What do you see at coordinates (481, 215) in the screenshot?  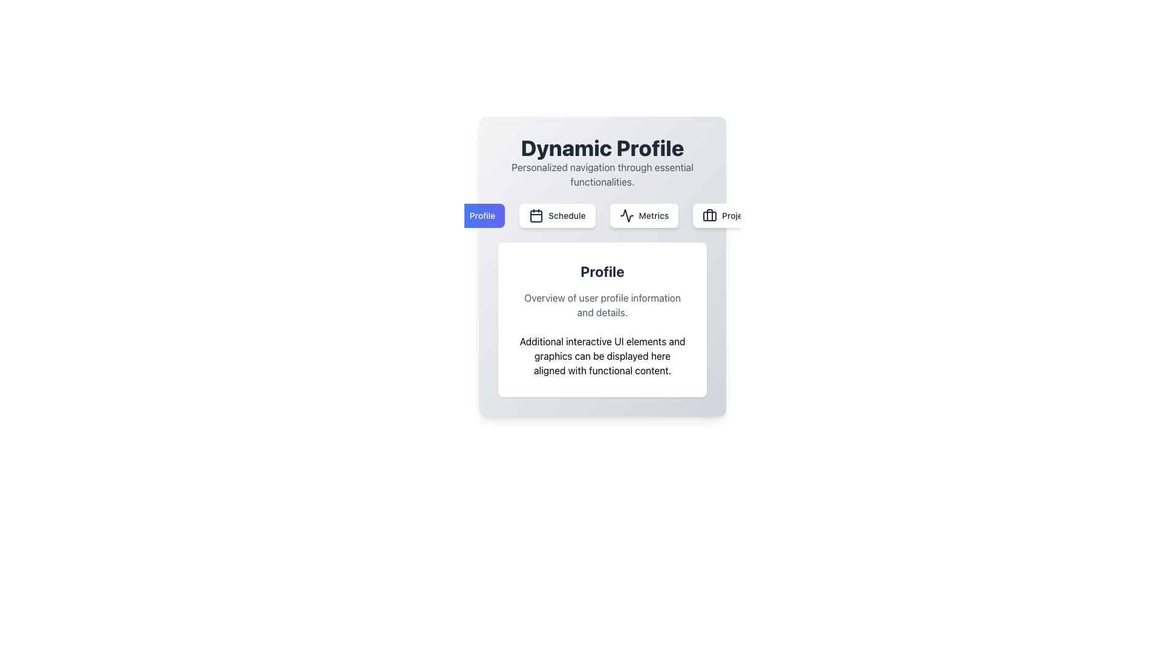 I see `the static text element displaying 'Profile' within the blue gradient button located below the heading 'Dynamic Profile'` at bounding box center [481, 215].